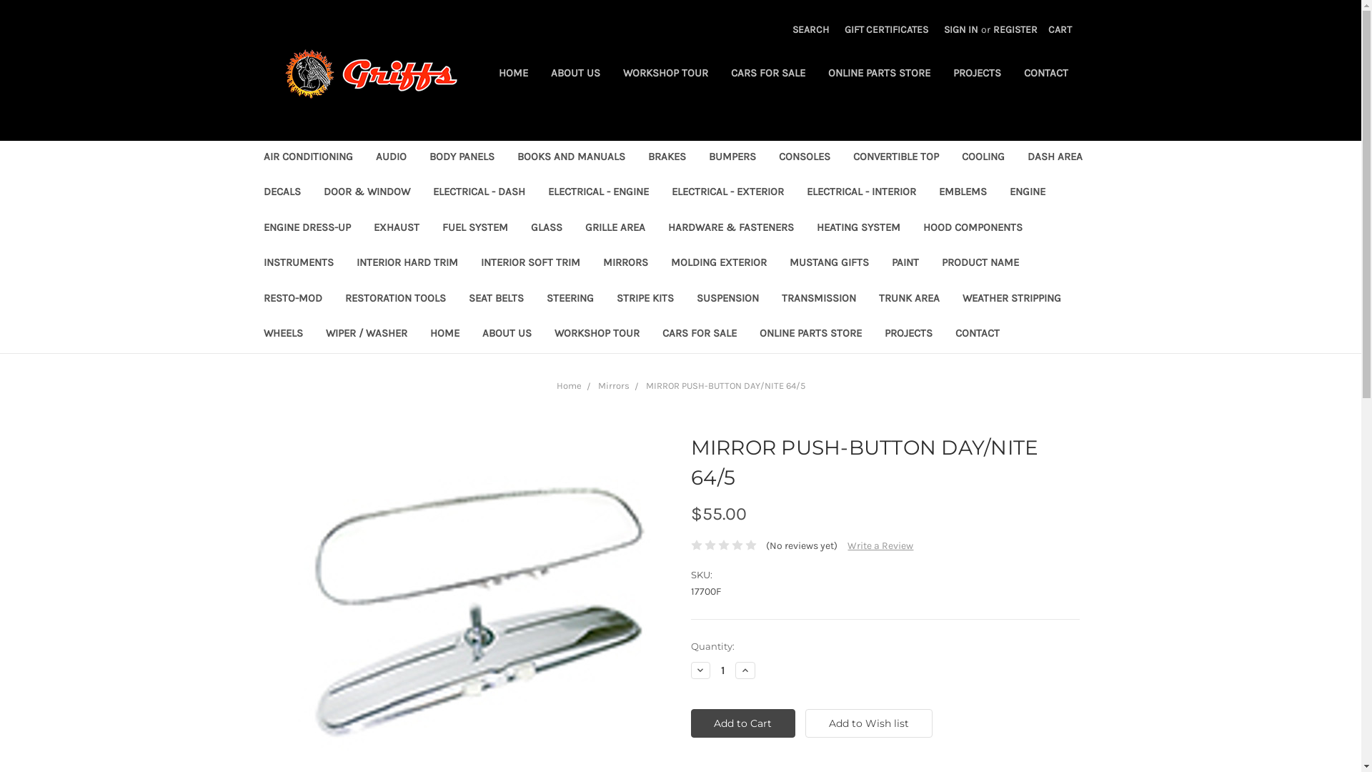 The width and height of the screenshot is (1372, 772). I want to click on 'RESTORATION TOOLS', so click(332, 299).